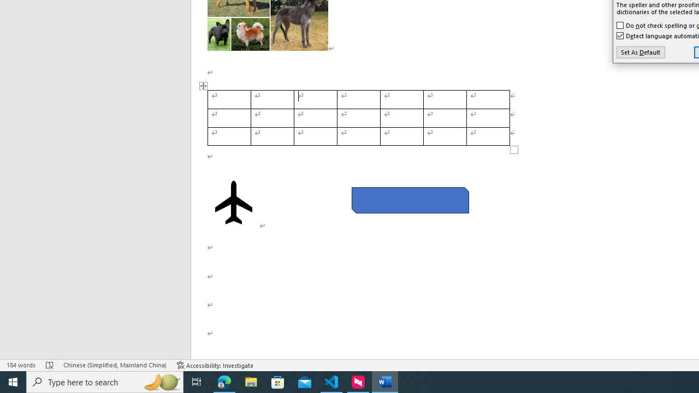  Describe the element at coordinates (331, 381) in the screenshot. I see `'Visual Studio Code - 1 running window'` at that location.